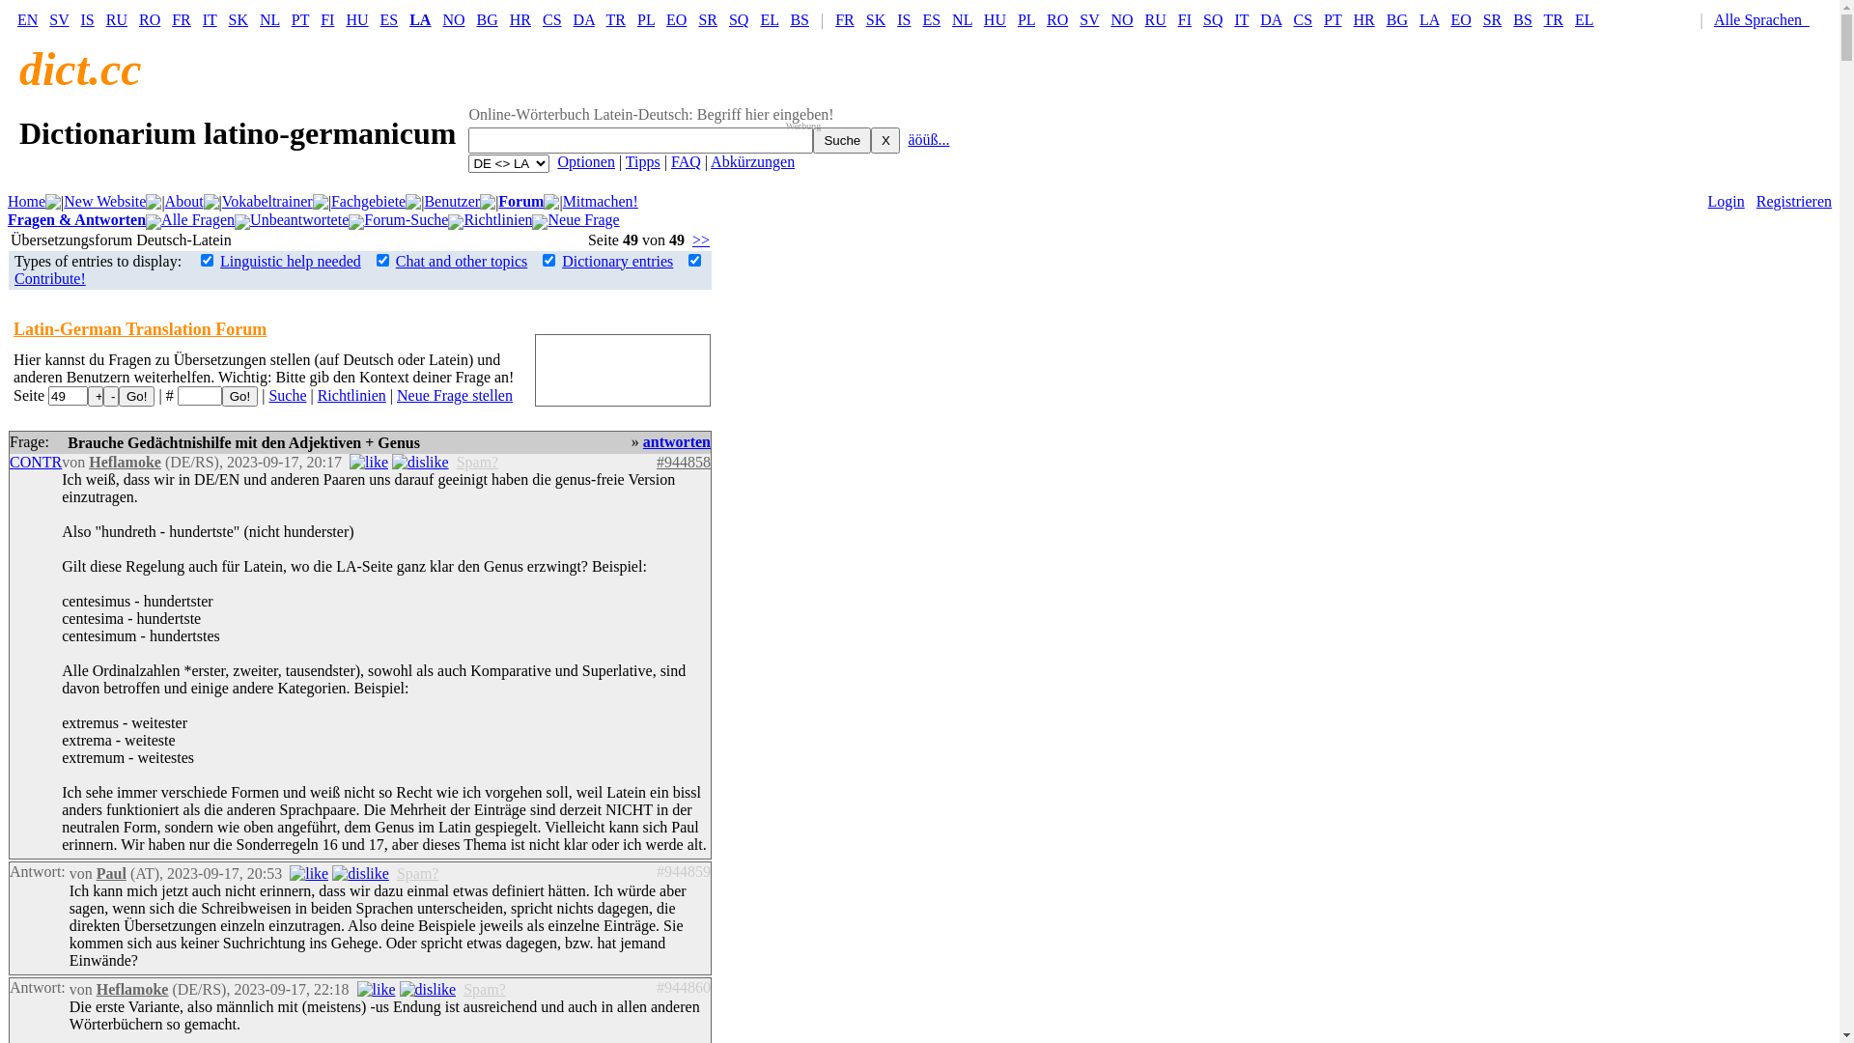 Image resolution: width=1854 pixels, height=1043 pixels. Describe the element at coordinates (541, 19) in the screenshot. I see `'CS'` at that location.